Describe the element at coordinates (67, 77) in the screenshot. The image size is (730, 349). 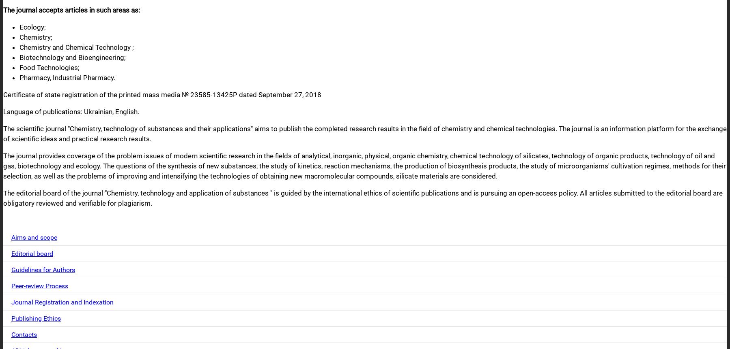
I see `'Pharmacy, Industrial Pharmacy.'` at that location.